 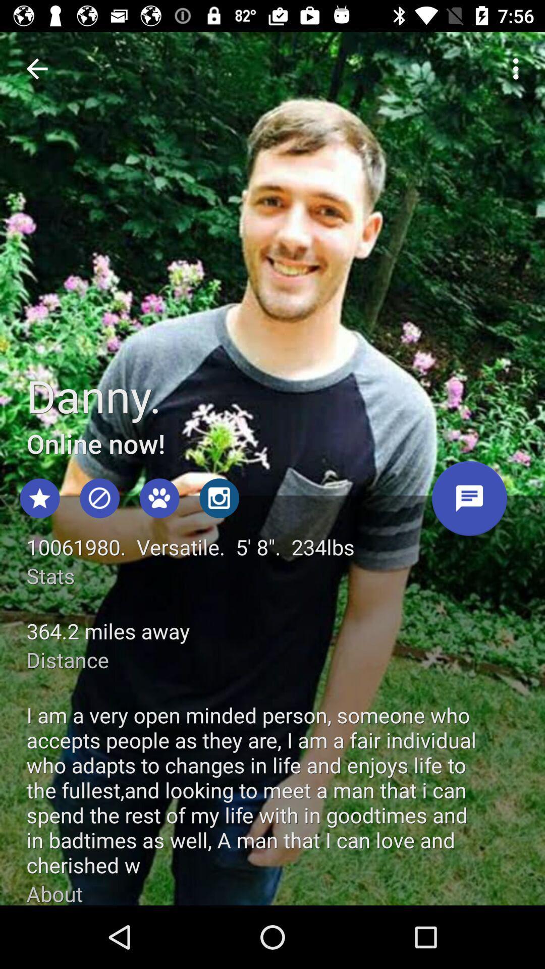 I want to click on send message, so click(x=469, y=502).